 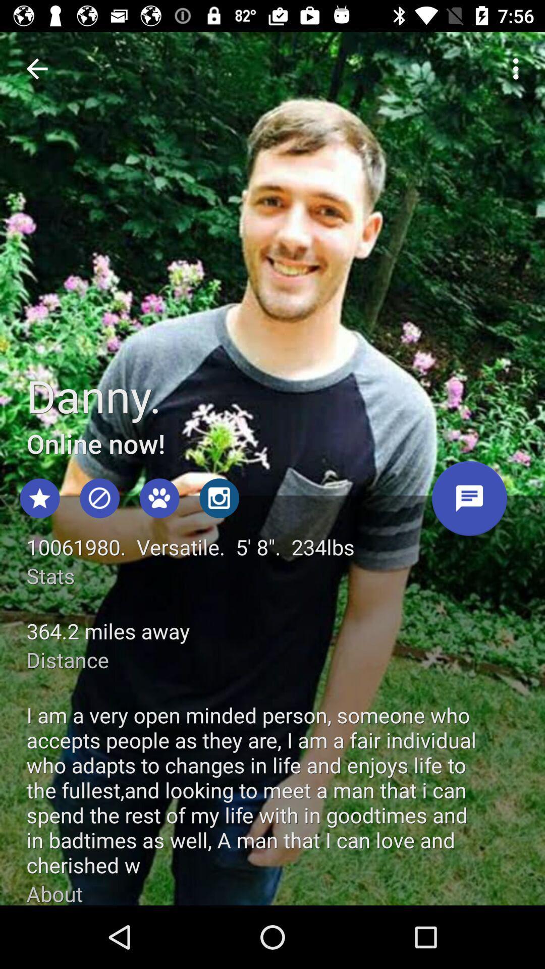 I want to click on send message, so click(x=469, y=502).